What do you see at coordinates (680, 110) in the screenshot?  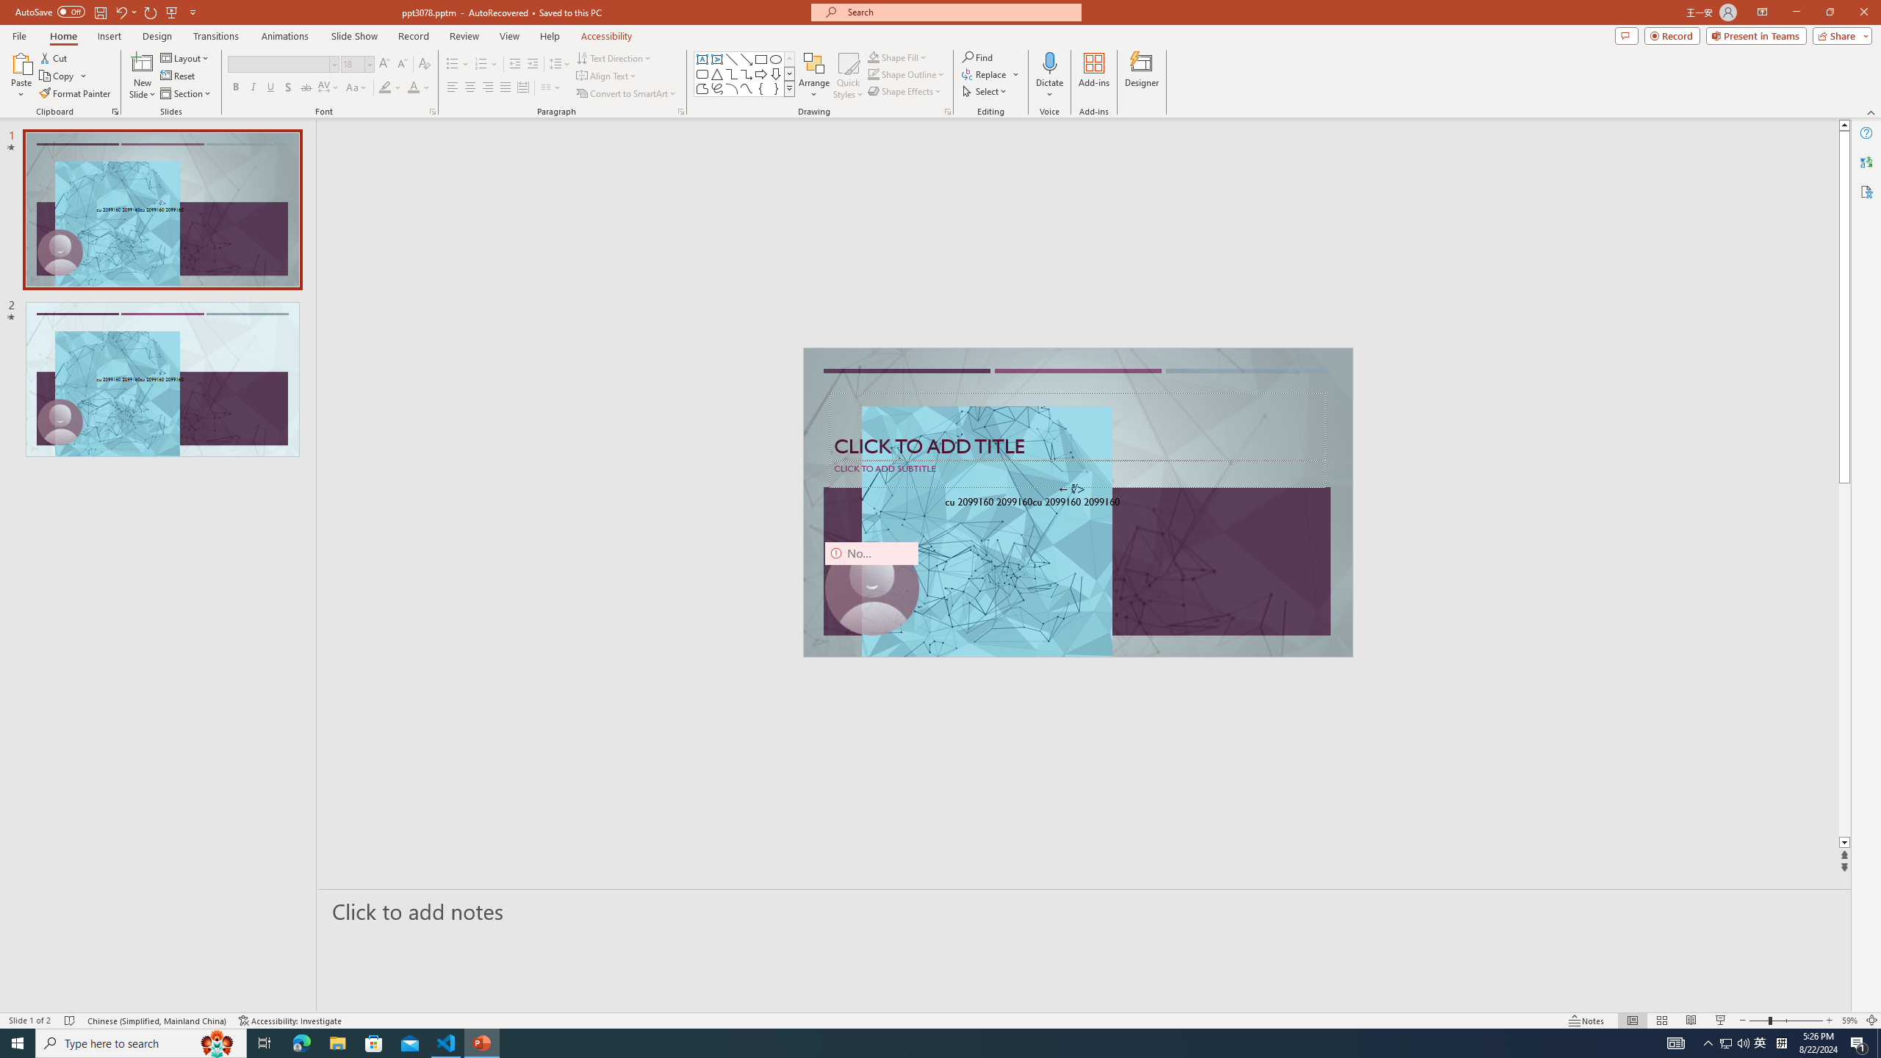 I see `'Paragraph...'` at bounding box center [680, 110].